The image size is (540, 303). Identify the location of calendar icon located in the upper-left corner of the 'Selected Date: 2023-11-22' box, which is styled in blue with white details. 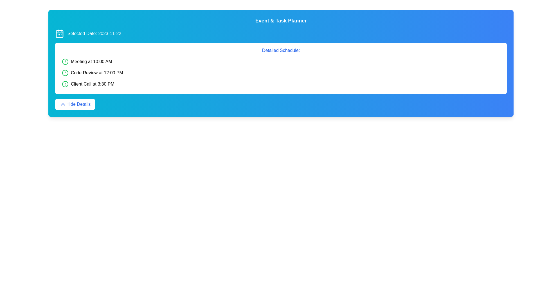
(59, 33).